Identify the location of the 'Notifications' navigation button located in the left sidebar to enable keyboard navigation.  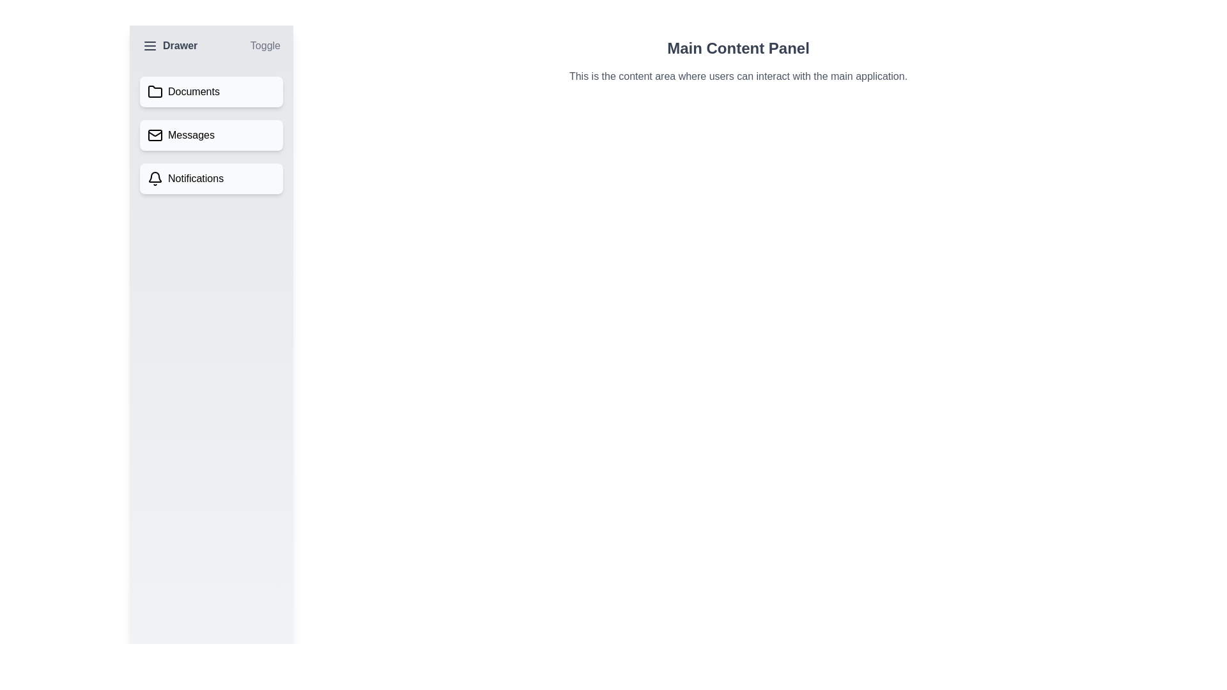
(212, 179).